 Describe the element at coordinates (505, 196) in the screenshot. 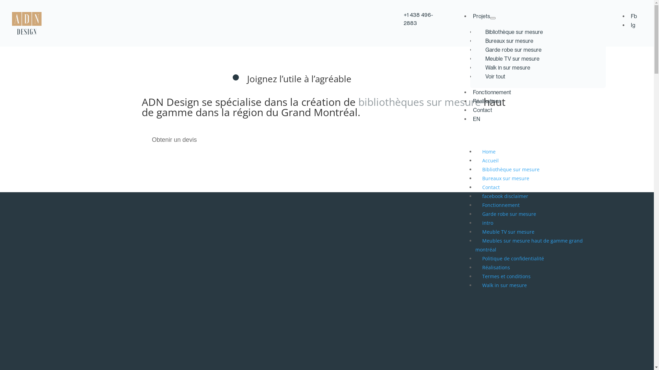

I see `'facebook disclaimer'` at that location.